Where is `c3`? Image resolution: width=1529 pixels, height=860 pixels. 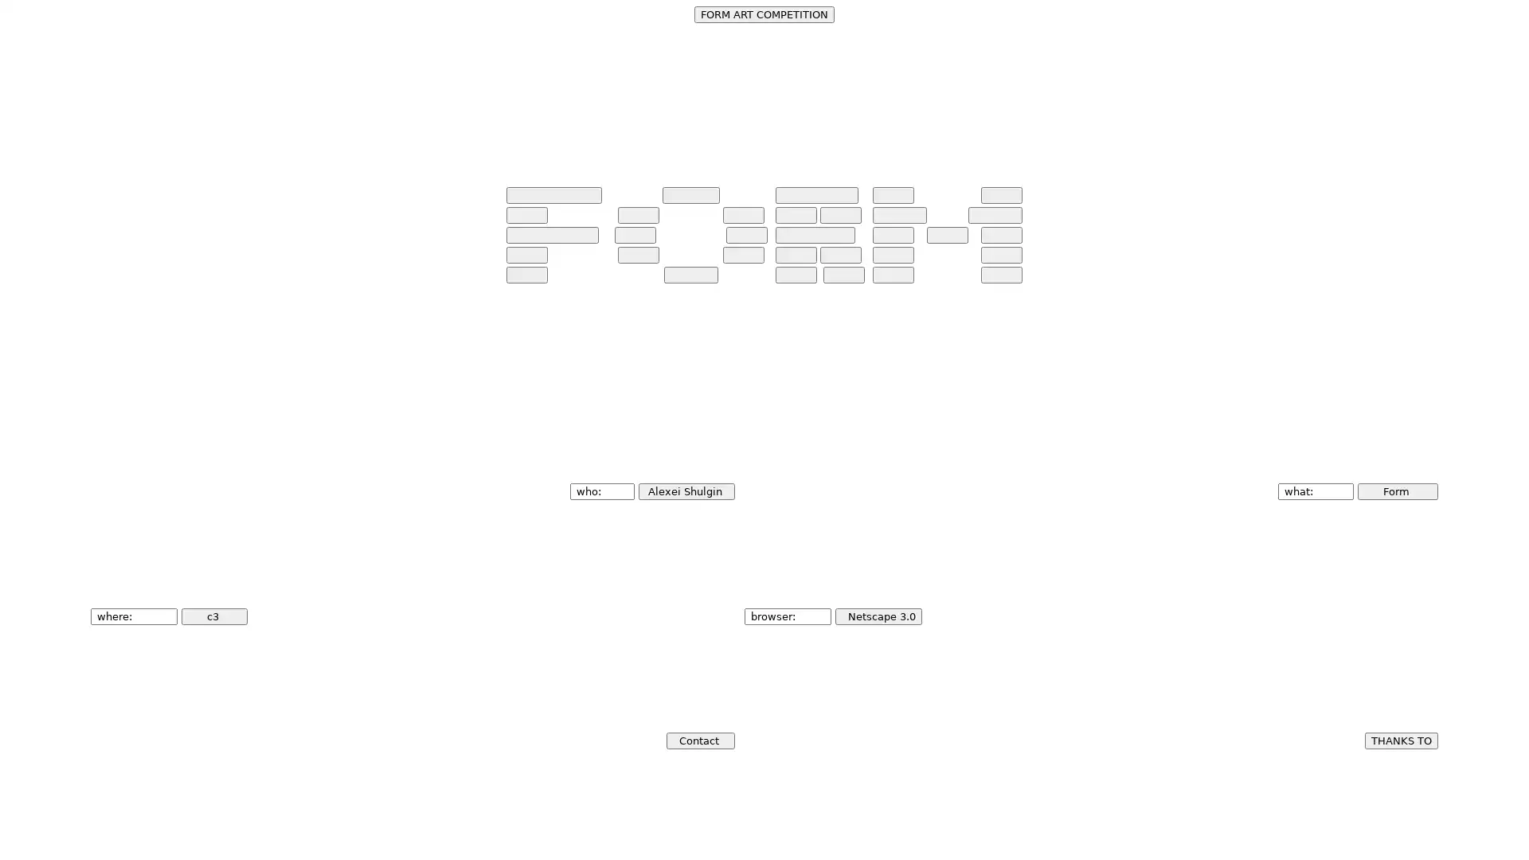
c3 is located at coordinates (213, 615).